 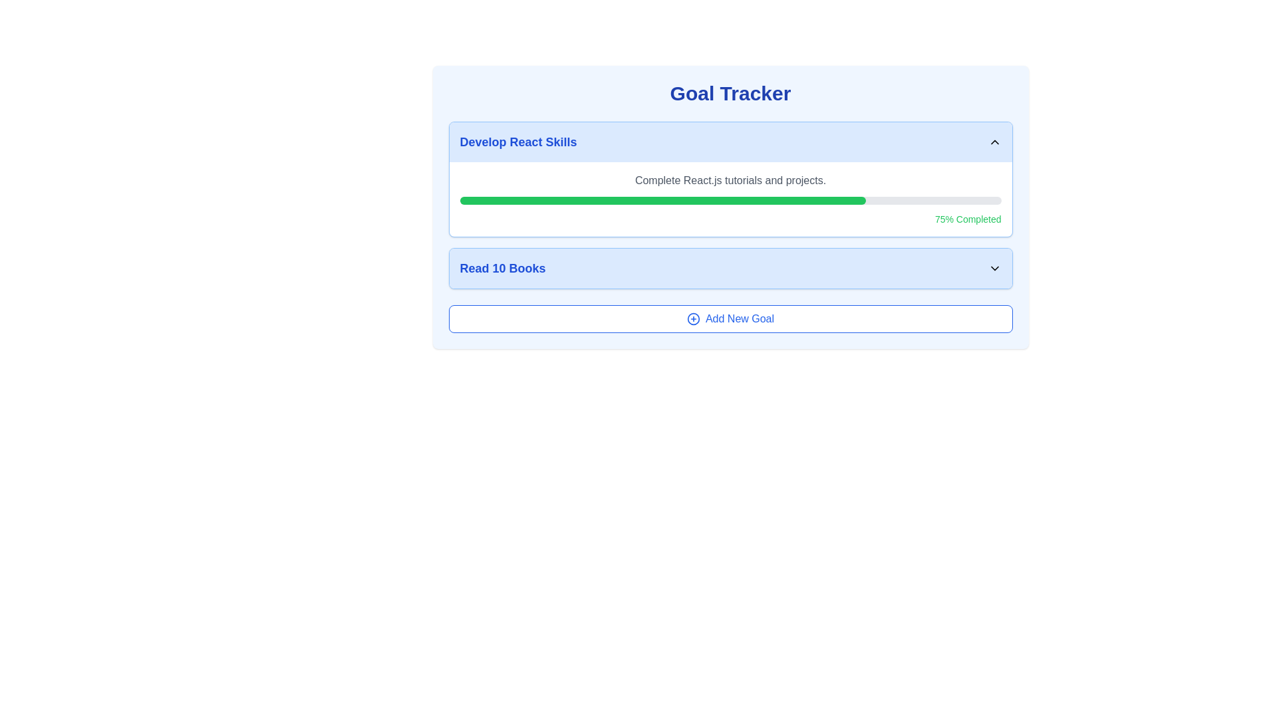 I want to click on the progress bar element displaying 'Complete React.js tutorials and projects.' with the indicator text '75% Completed', so click(x=730, y=199).